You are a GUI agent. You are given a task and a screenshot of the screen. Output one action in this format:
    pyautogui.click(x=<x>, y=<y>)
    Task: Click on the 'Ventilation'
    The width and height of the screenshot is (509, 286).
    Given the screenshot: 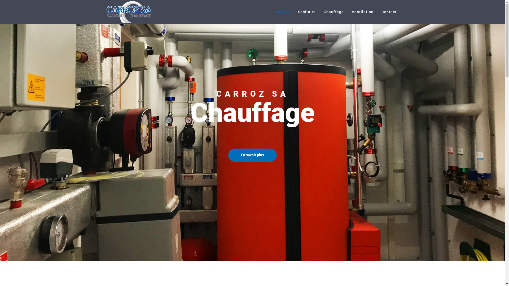 What is the action you would take?
    pyautogui.click(x=348, y=12)
    